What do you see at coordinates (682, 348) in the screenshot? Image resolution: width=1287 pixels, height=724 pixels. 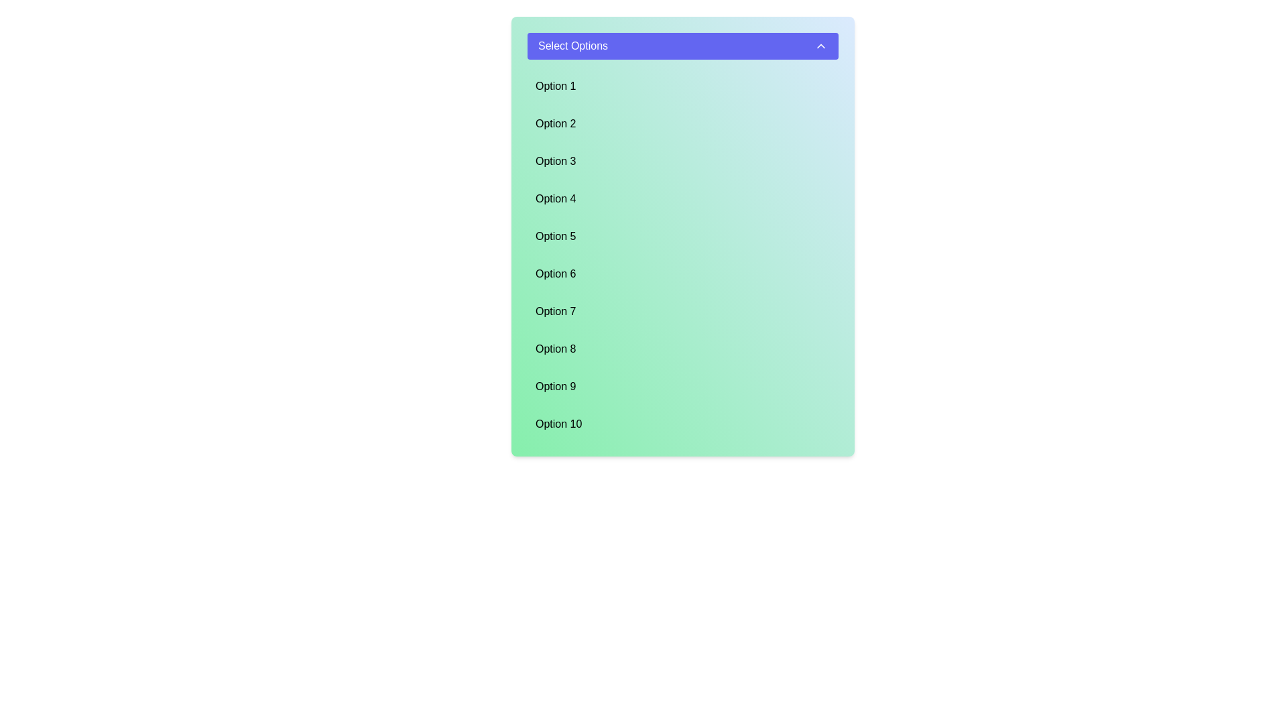 I see `the eighth selectable option in a vertical list on a light green panel` at bounding box center [682, 348].